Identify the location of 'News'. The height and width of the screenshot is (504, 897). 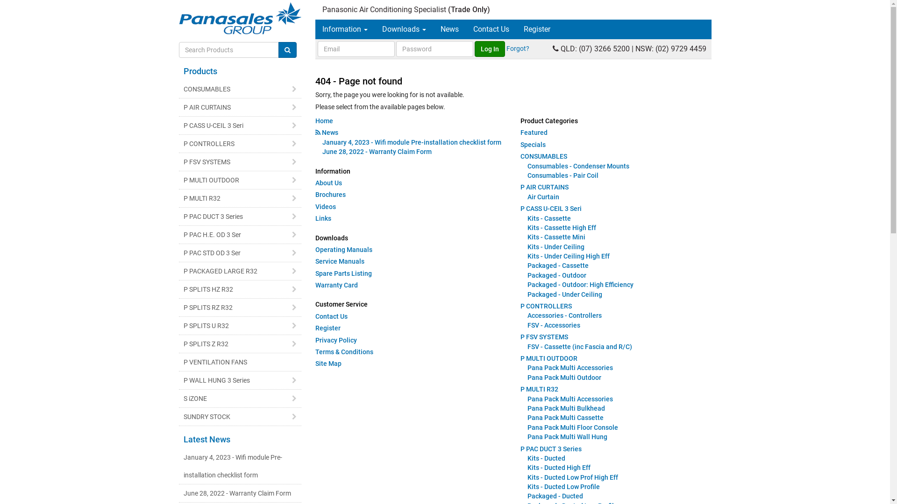
(449, 28).